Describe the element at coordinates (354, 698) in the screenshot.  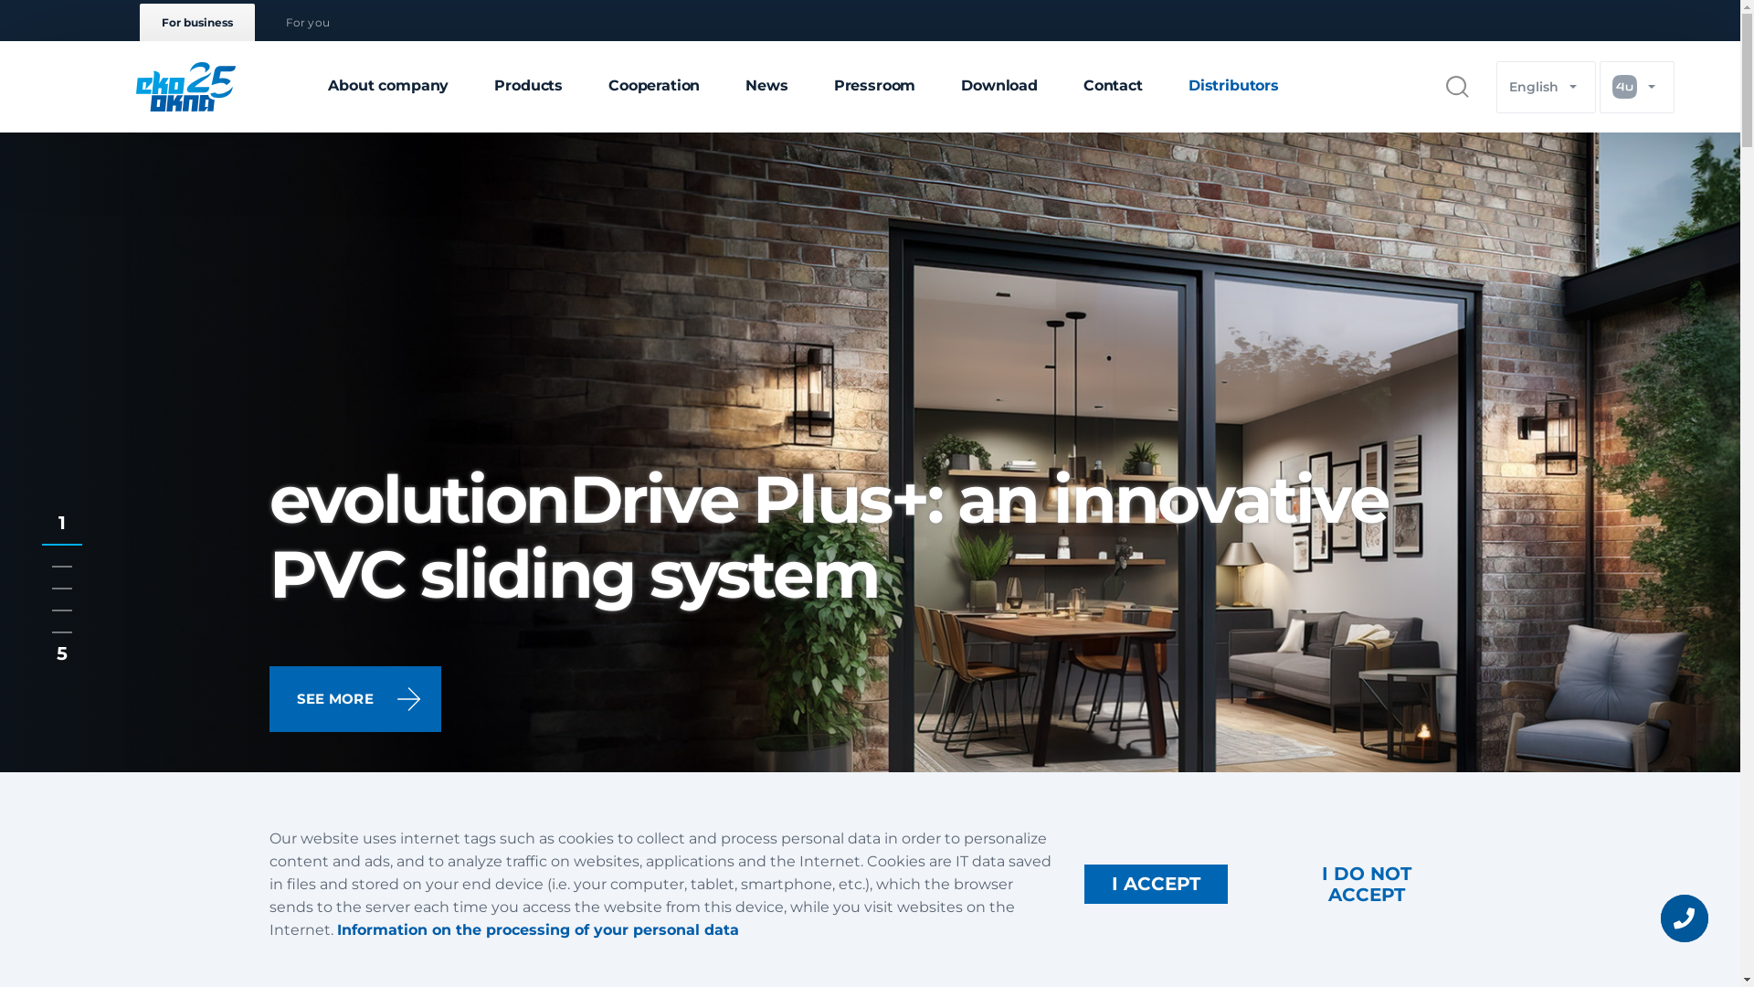
I see `'SEE MORE'` at that location.